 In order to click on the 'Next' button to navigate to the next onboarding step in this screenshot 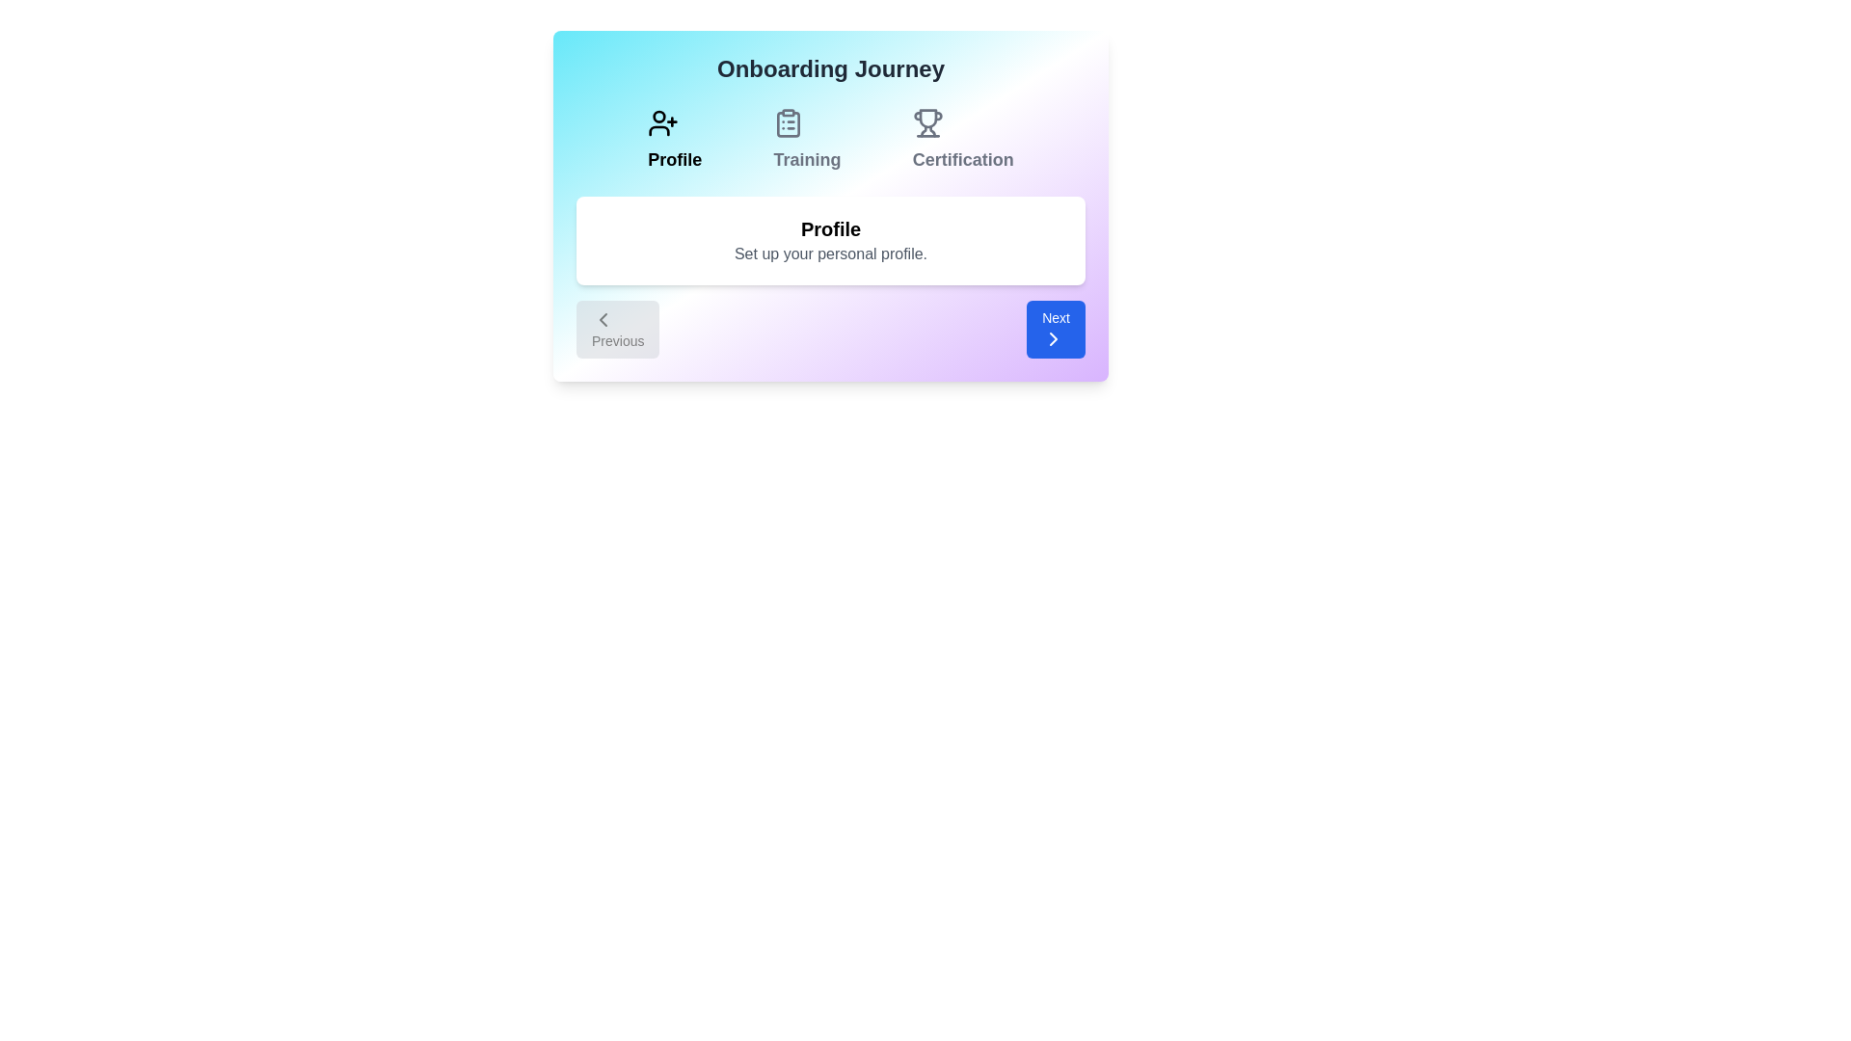, I will do `click(1055, 329)`.